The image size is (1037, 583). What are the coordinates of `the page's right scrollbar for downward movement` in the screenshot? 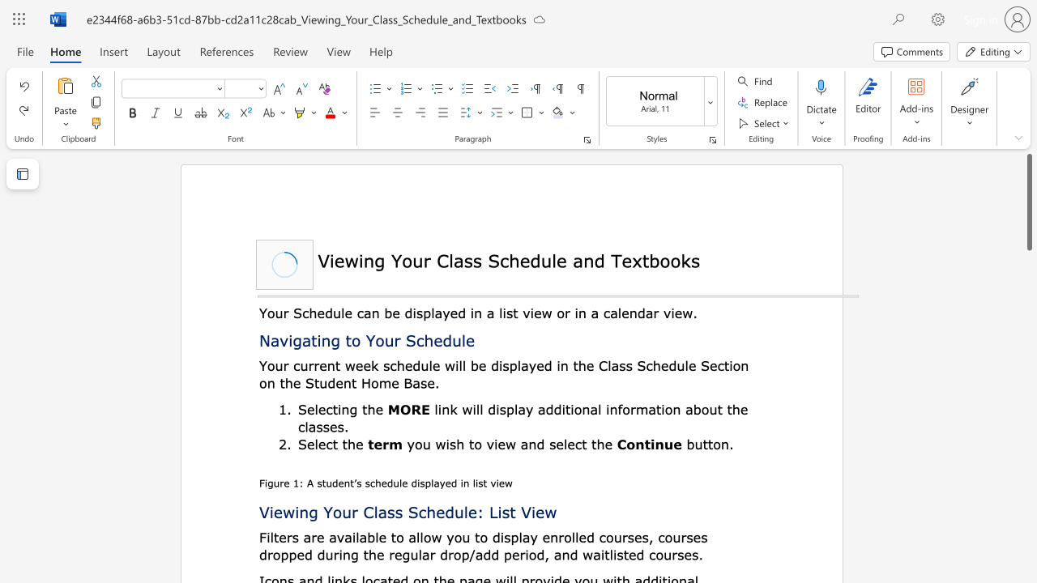 It's located at (1028, 389).